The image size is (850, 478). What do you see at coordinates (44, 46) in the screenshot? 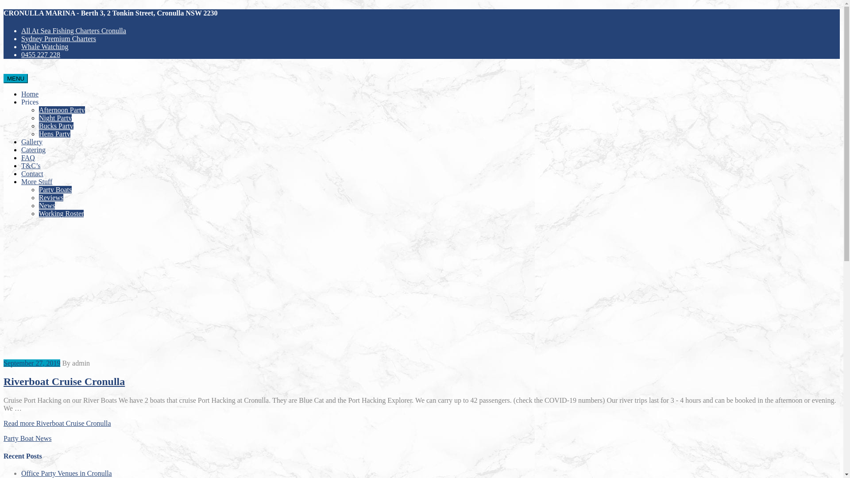
I see `'Whale Watching'` at bounding box center [44, 46].